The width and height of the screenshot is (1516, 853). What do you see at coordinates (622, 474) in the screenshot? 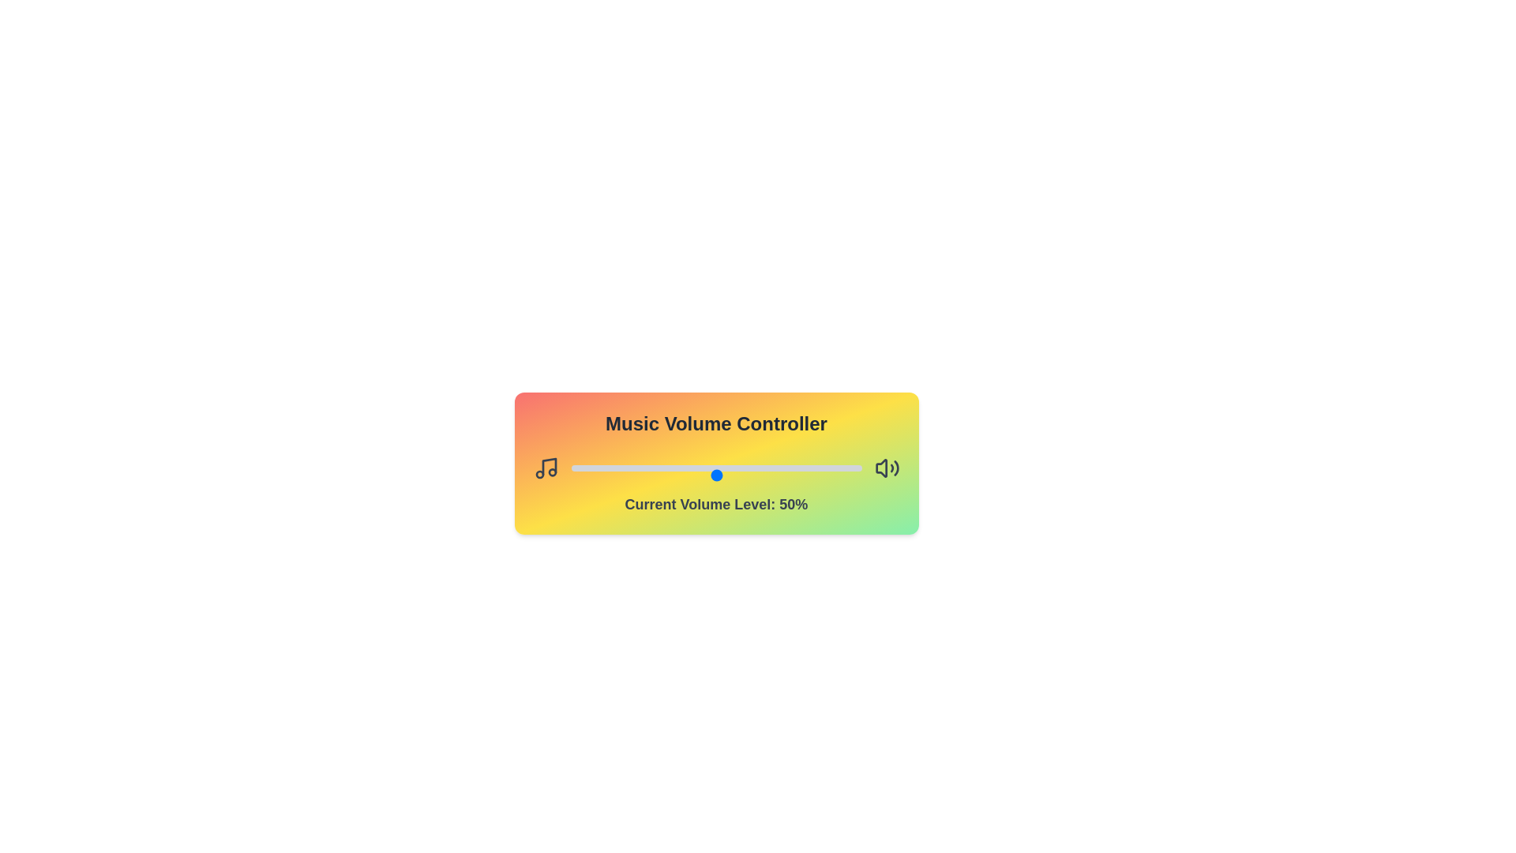
I see `the volume slider to 18%` at bounding box center [622, 474].